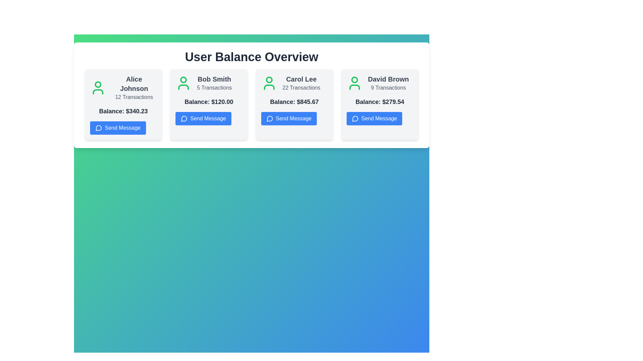  I want to click on the circular graphical component with a green outline at the top of David Brown's user card, so click(354, 80).